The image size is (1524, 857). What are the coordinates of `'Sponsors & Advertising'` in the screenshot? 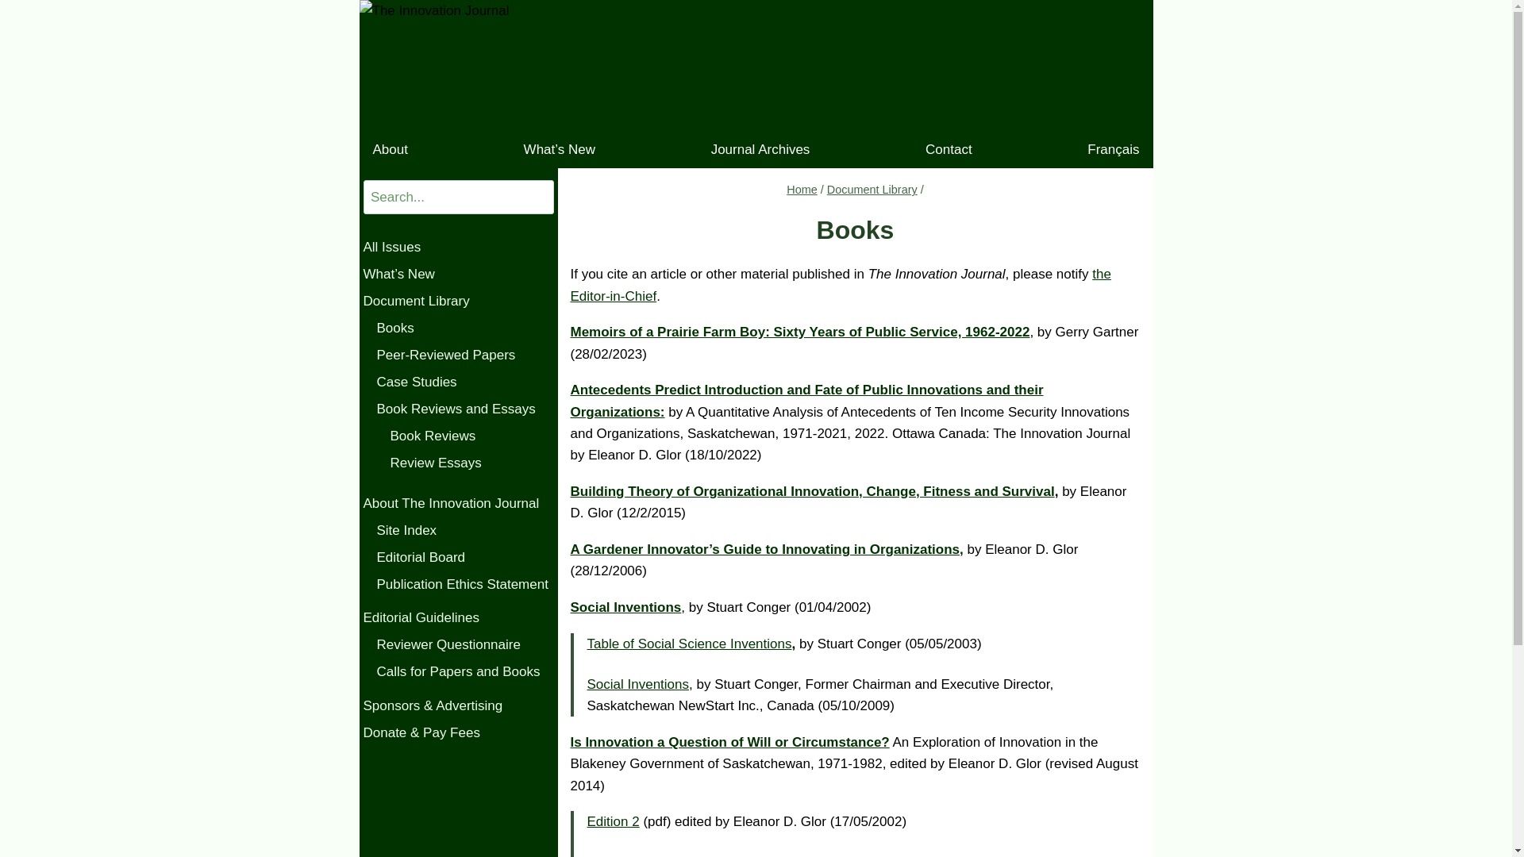 It's located at (362, 705).